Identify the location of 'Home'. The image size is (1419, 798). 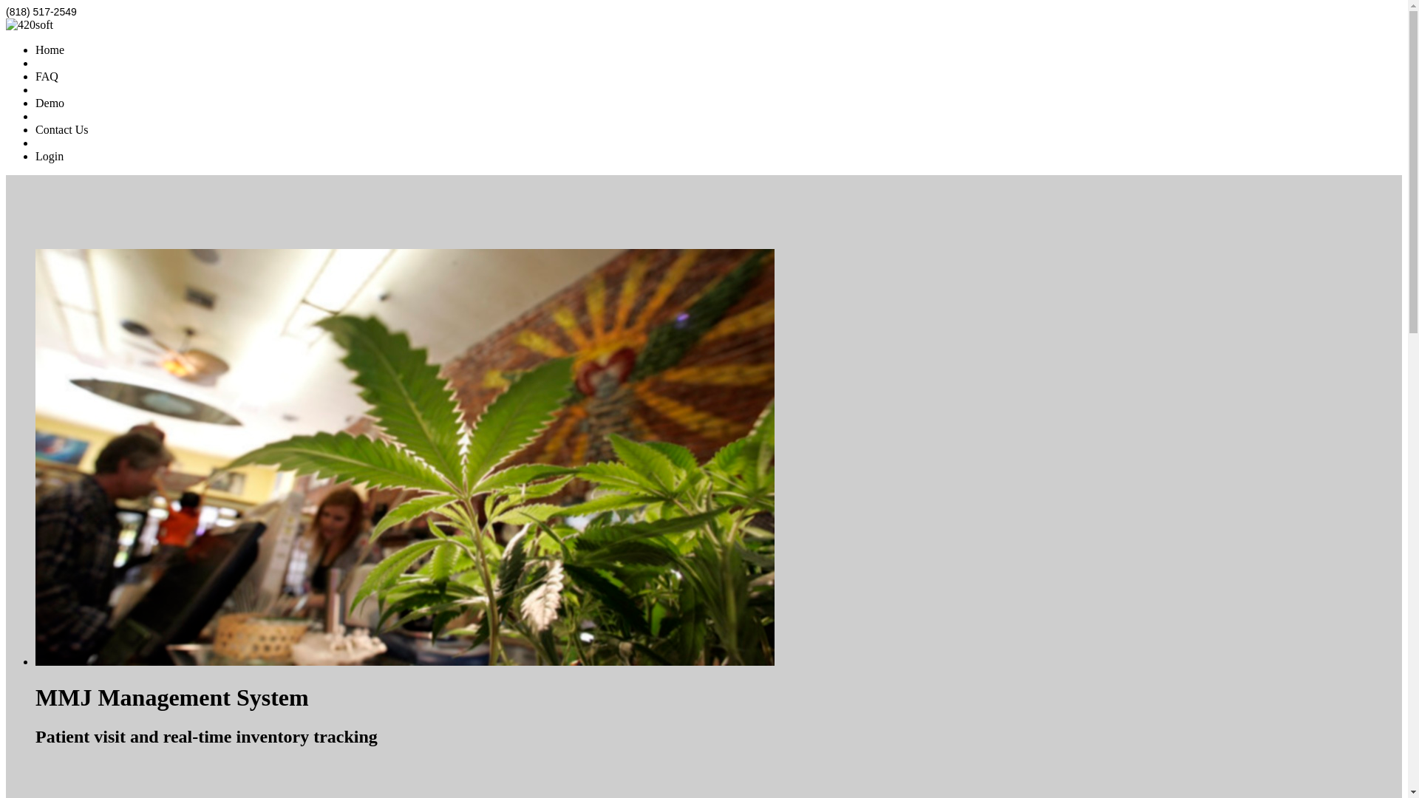
(50, 49).